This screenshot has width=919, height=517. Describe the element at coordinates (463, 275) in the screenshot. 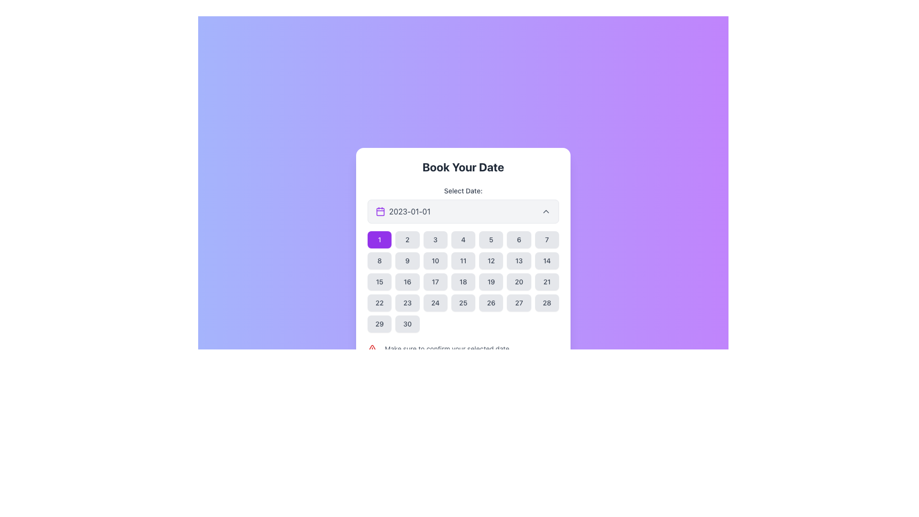

I see `a specific date in the Calendar UI component located centrally beneath the 'Book Your Date' text and 'Select Date' dropdown menu` at that location.